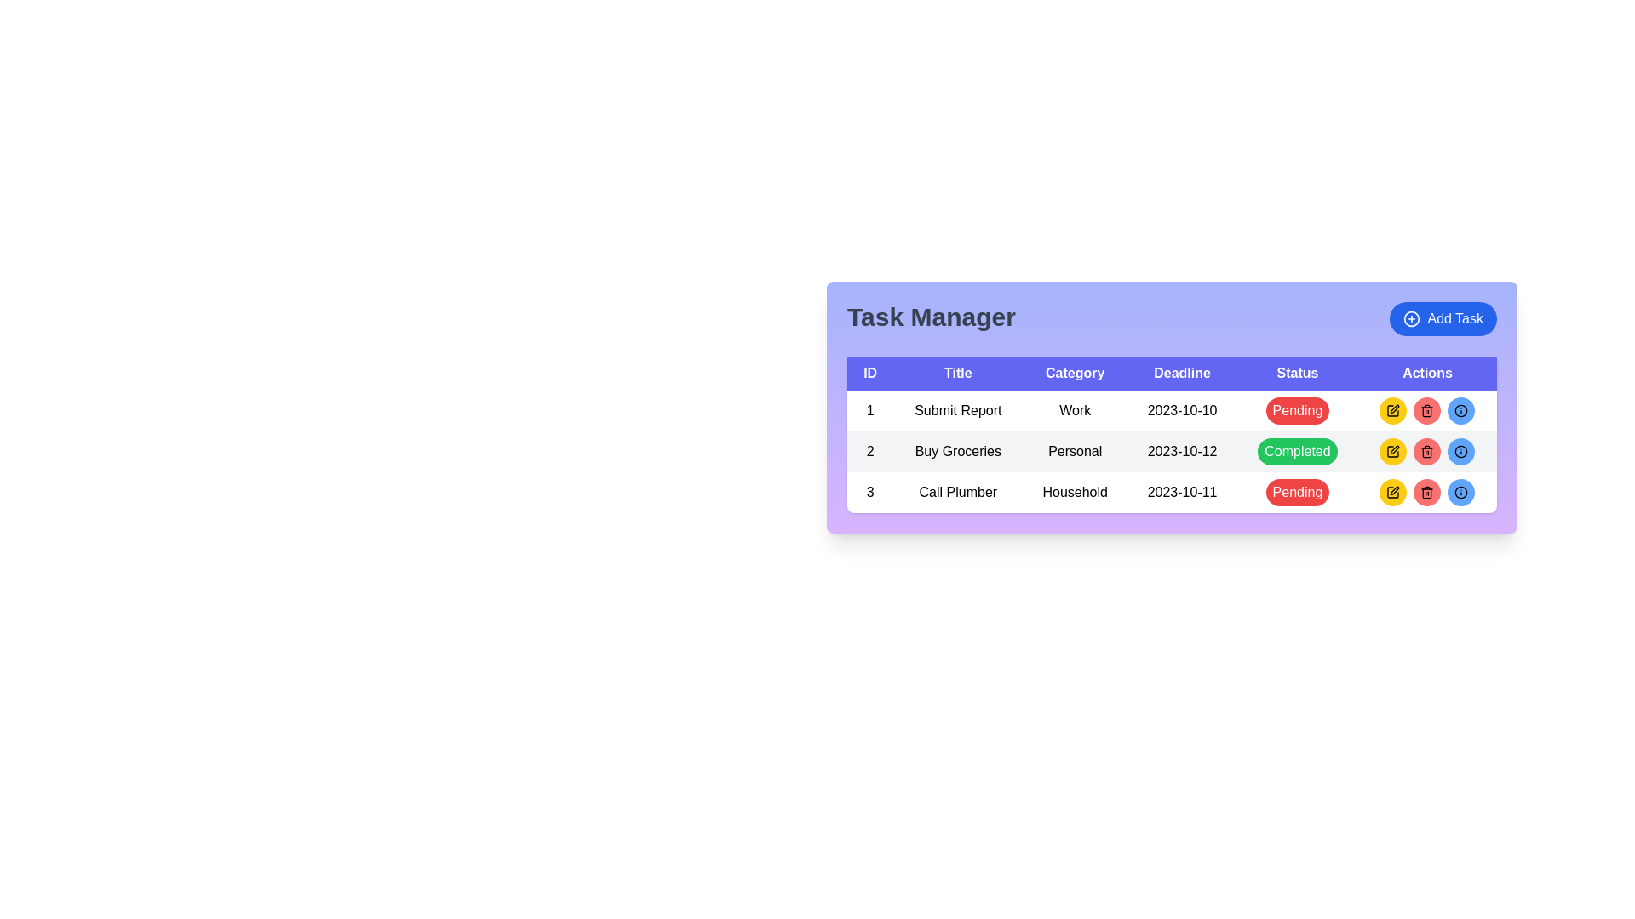  Describe the element at coordinates (1296, 492) in the screenshot. I see `the 'Pending' status button located in the 'Status' column of the third row in the 'Task Manager' table` at that location.